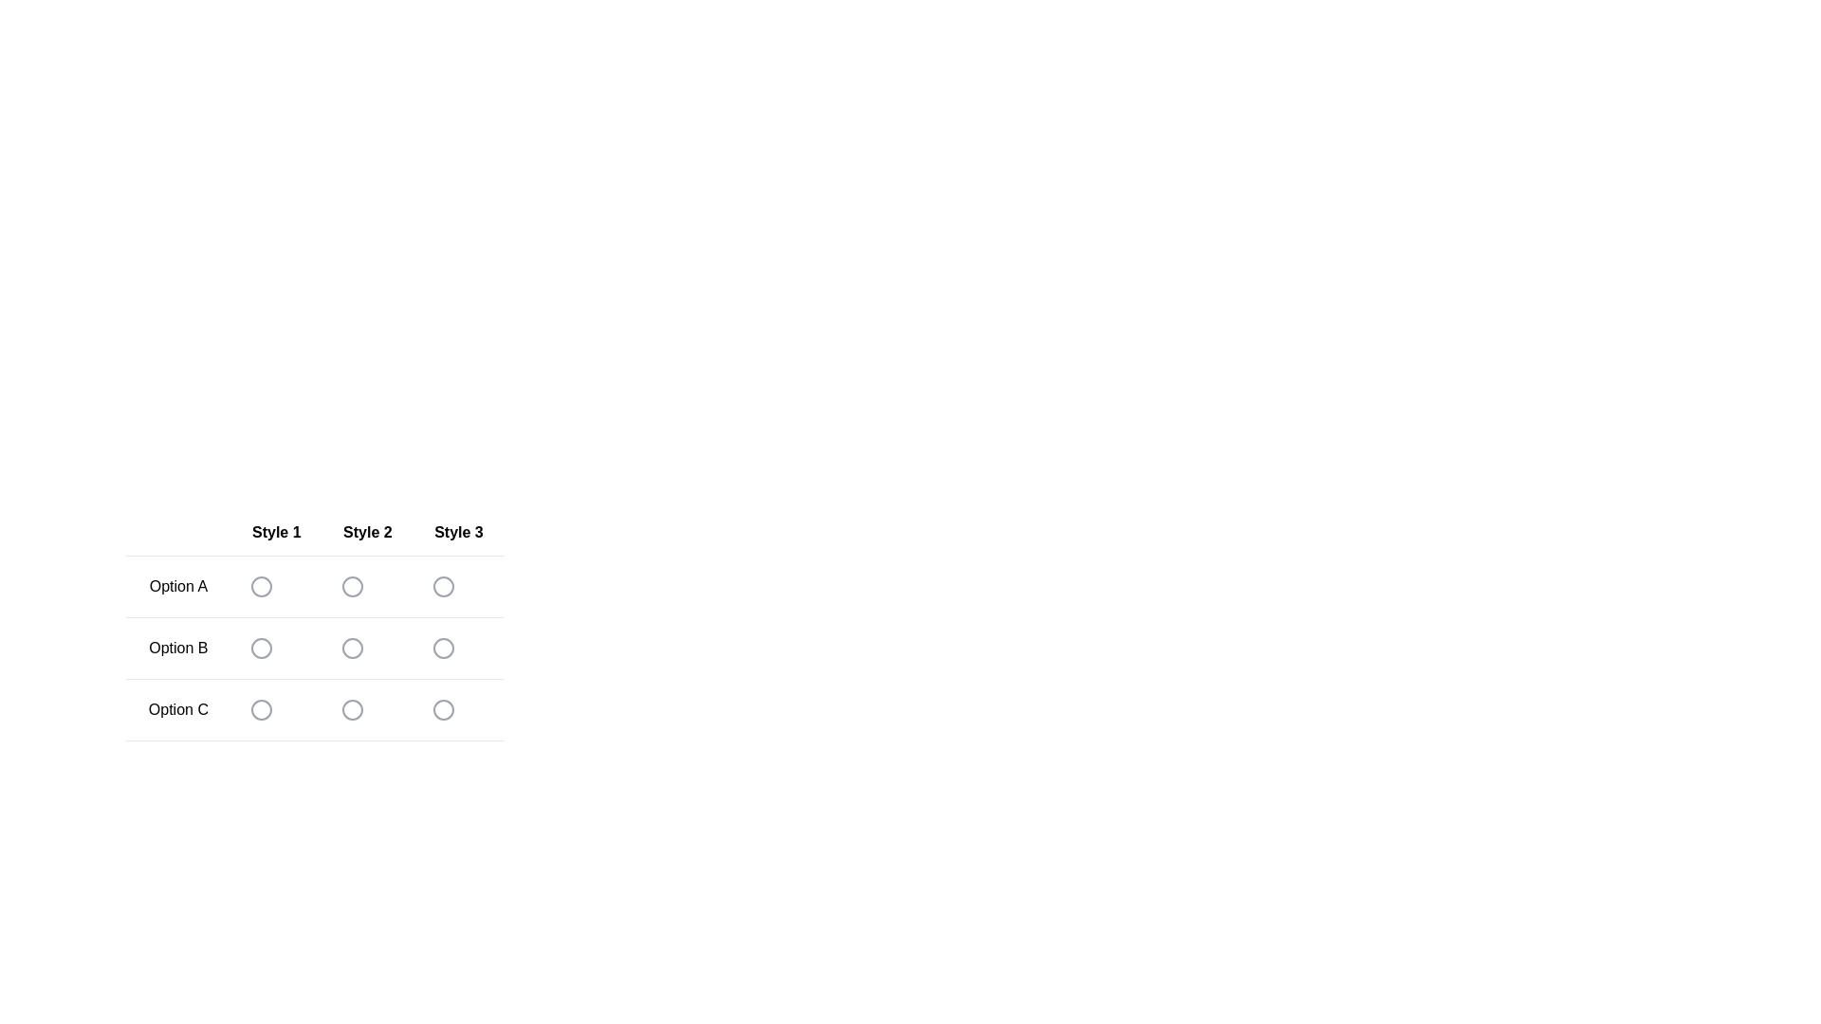  What do you see at coordinates (352, 585) in the screenshot?
I see `the radio button for 'Option A' in the first row and second column under the 'Style 2' header` at bounding box center [352, 585].